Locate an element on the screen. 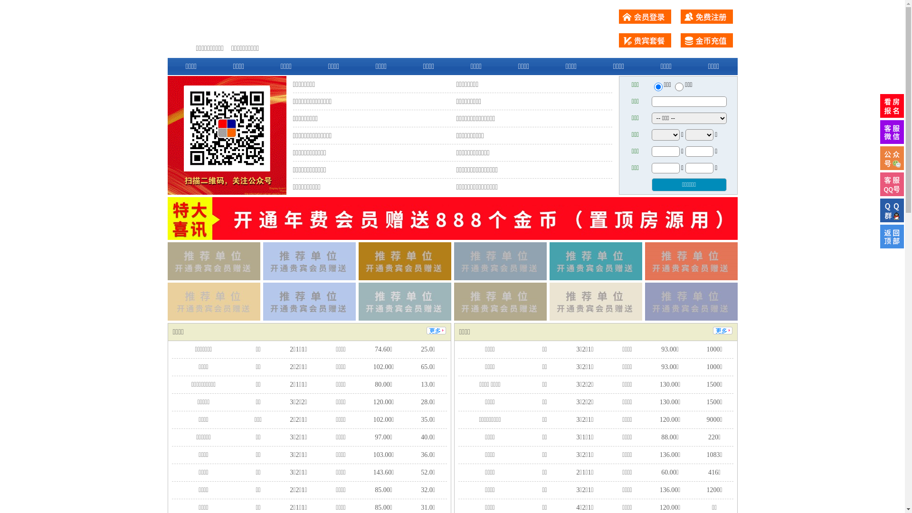  'chuzu' is located at coordinates (674, 86).